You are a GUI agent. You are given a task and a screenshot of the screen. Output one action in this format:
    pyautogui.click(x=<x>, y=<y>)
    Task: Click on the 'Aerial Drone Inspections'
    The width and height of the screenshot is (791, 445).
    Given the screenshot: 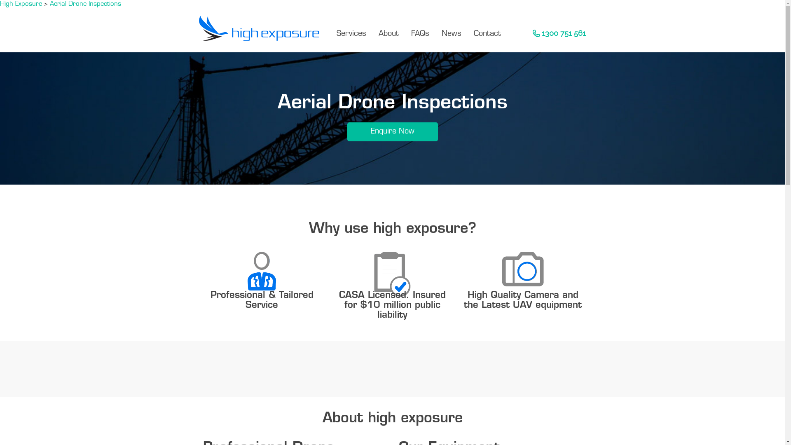 What is the action you would take?
    pyautogui.click(x=49, y=4)
    